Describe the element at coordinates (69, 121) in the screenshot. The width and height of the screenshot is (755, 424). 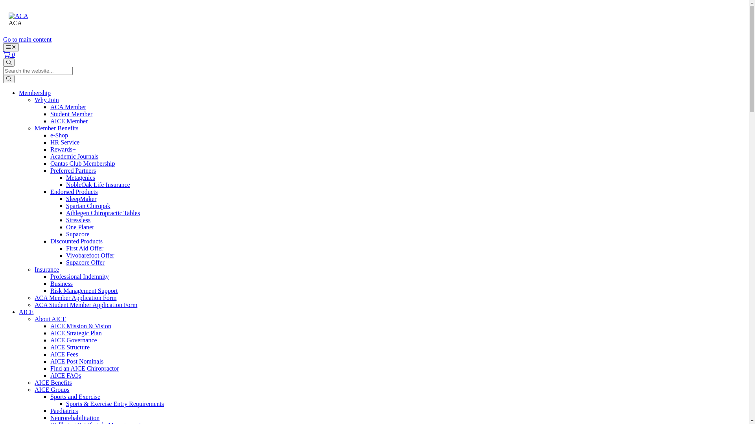
I see `'AICE Member'` at that location.